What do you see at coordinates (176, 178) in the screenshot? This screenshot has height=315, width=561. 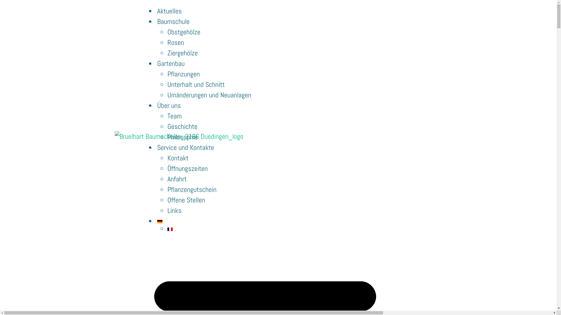 I see `'Anfahrt'` at bounding box center [176, 178].